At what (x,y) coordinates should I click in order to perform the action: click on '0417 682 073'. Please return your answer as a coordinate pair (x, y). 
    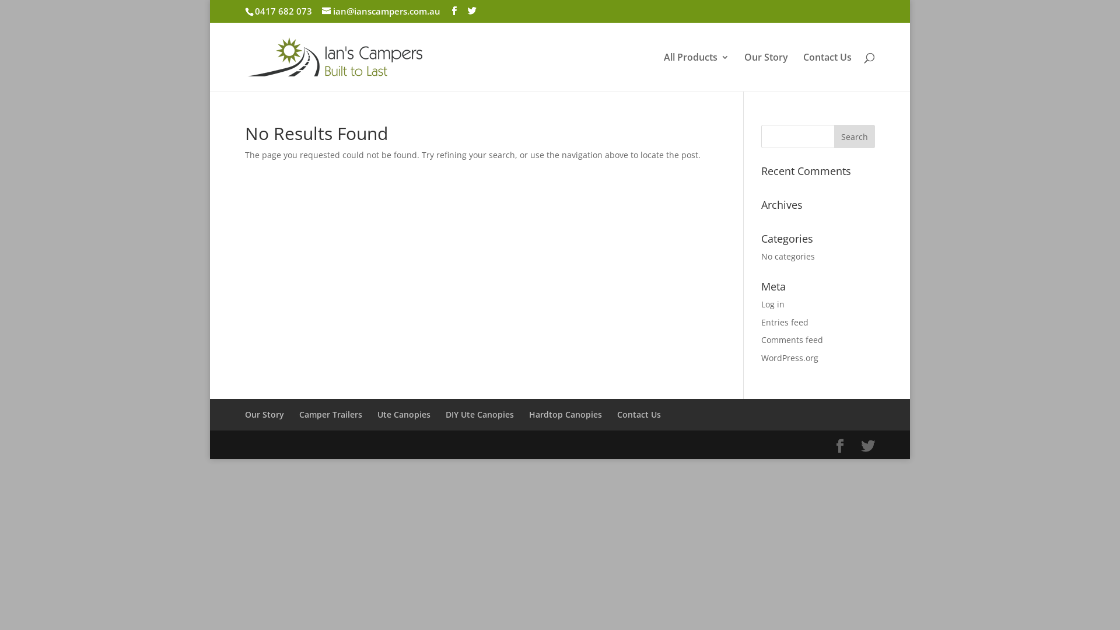
    Looking at the image, I should click on (282, 11).